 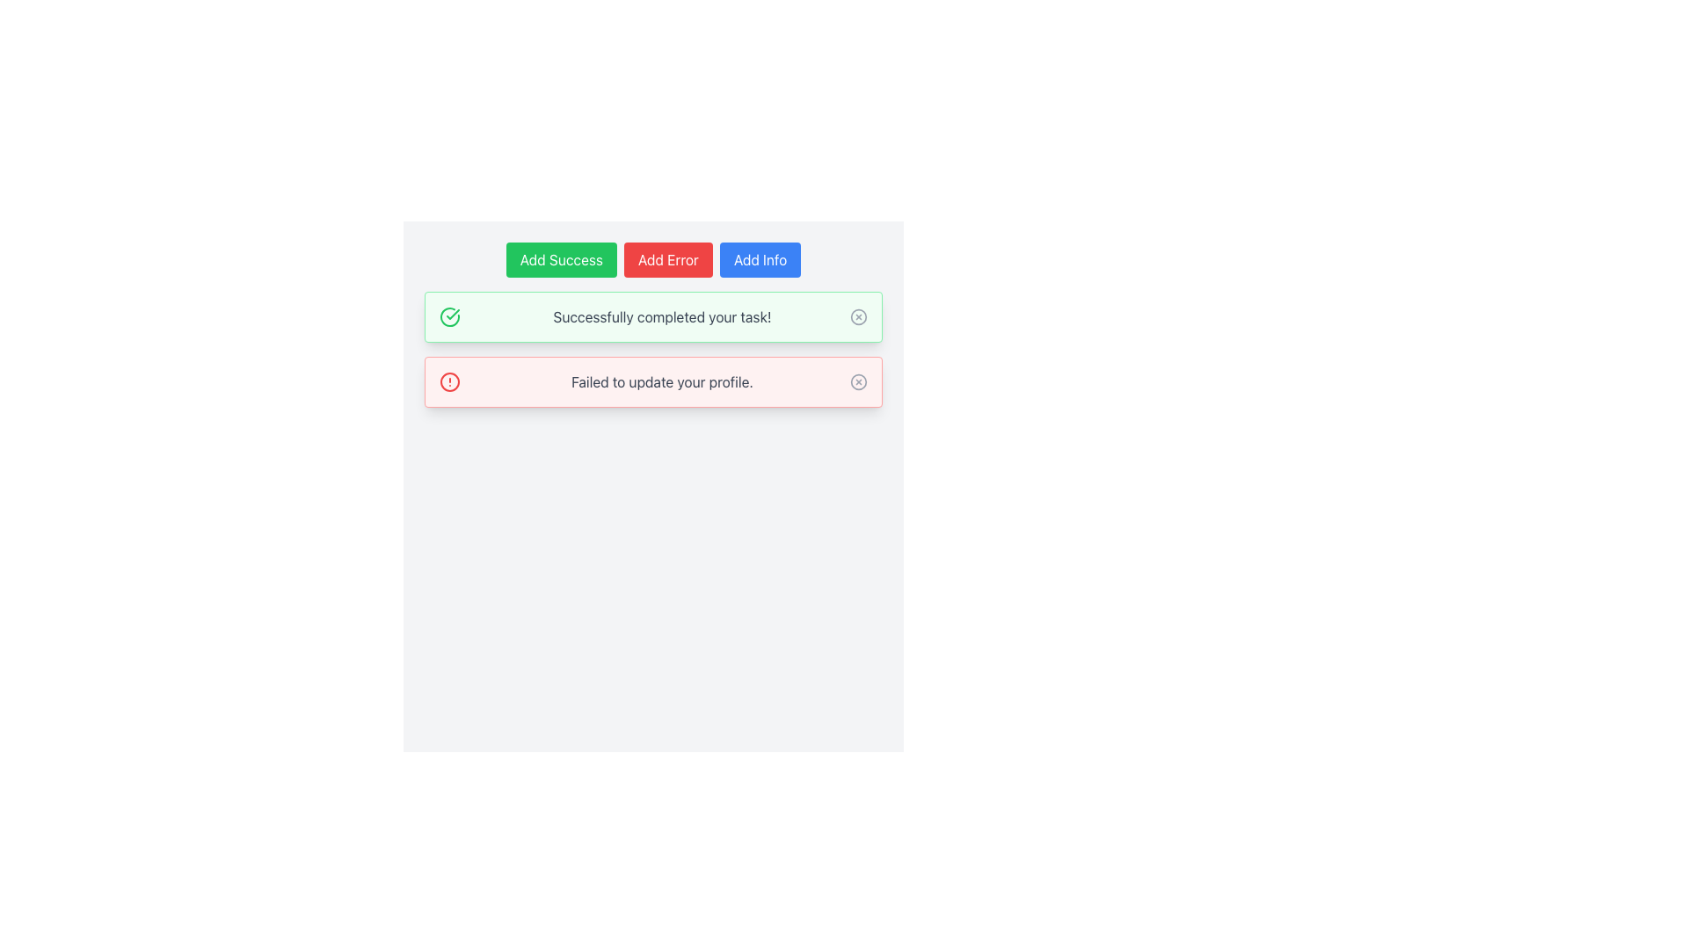 What do you see at coordinates (652, 381) in the screenshot?
I see `error message from the Alert box that has a red border and a light red background, displaying 'Failed to update your profile.'` at bounding box center [652, 381].